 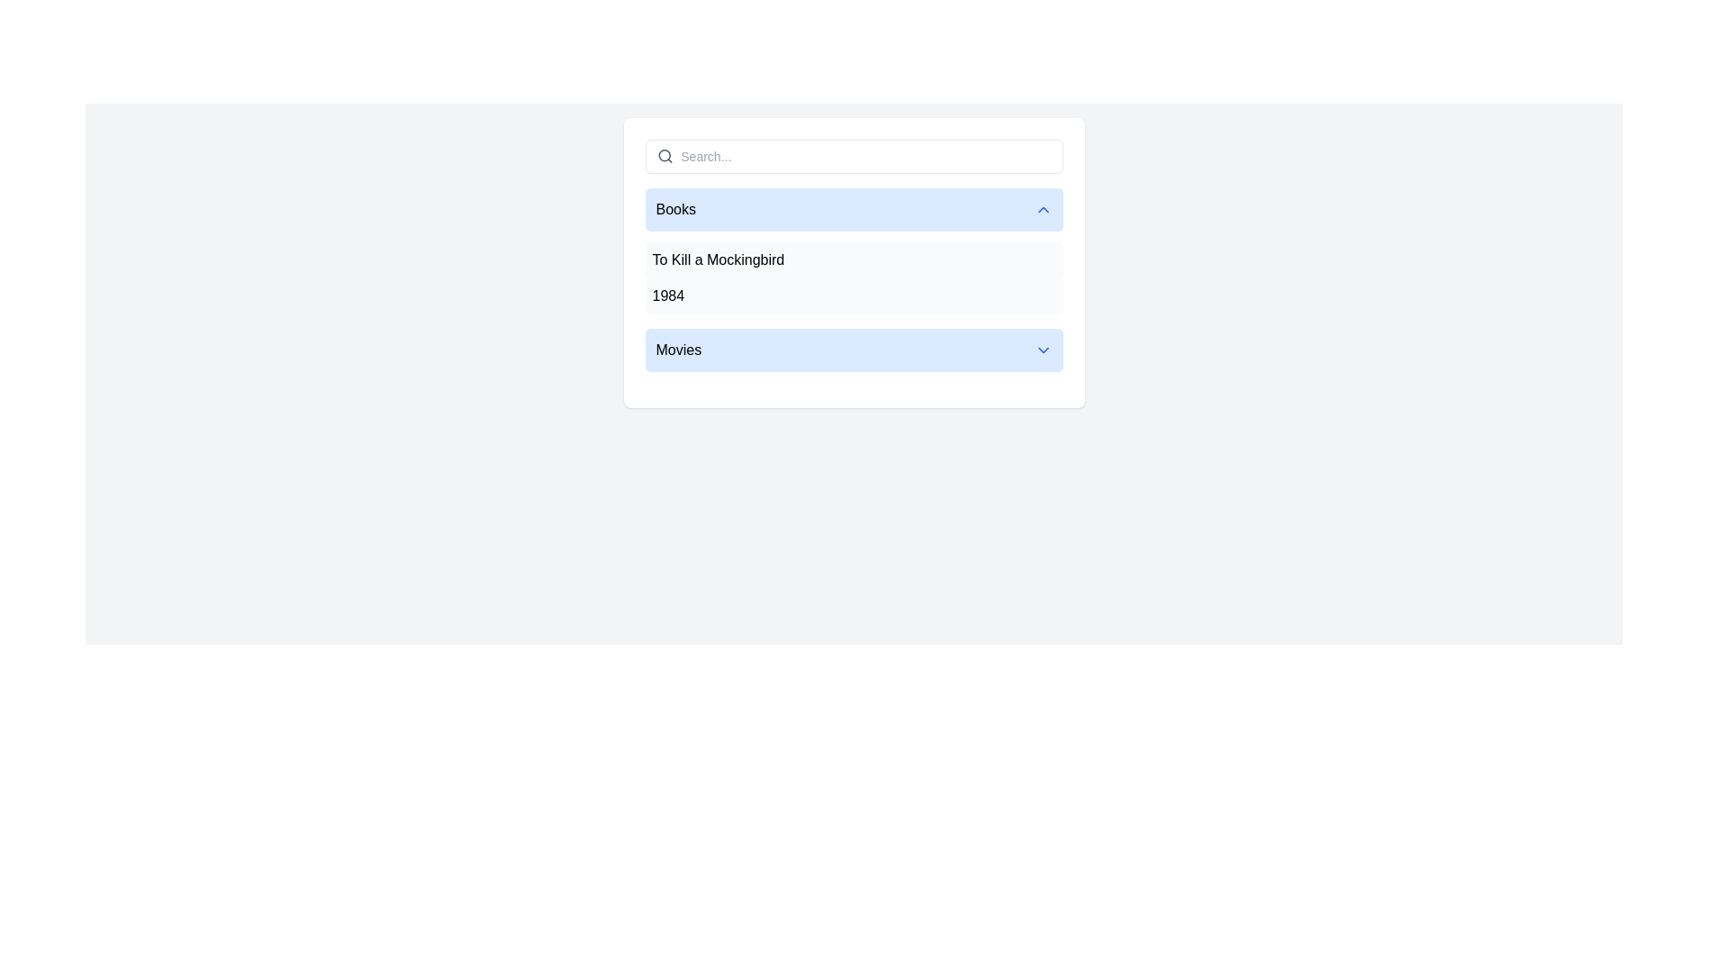 What do you see at coordinates (664, 155) in the screenshot?
I see `the circular icon representing the lens of a magnifying glass, located in the top left corner of the search bar` at bounding box center [664, 155].